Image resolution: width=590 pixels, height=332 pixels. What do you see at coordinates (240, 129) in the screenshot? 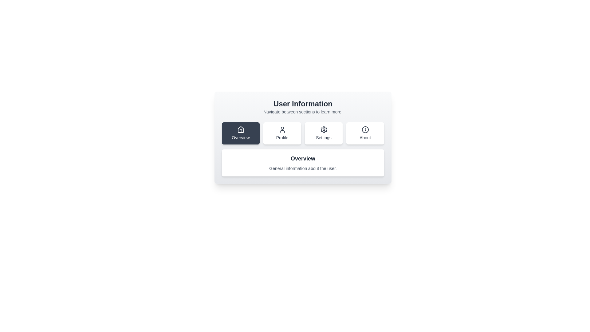
I see `the 'Overview' button which contains the house icon` at bounding box center [240, 129].